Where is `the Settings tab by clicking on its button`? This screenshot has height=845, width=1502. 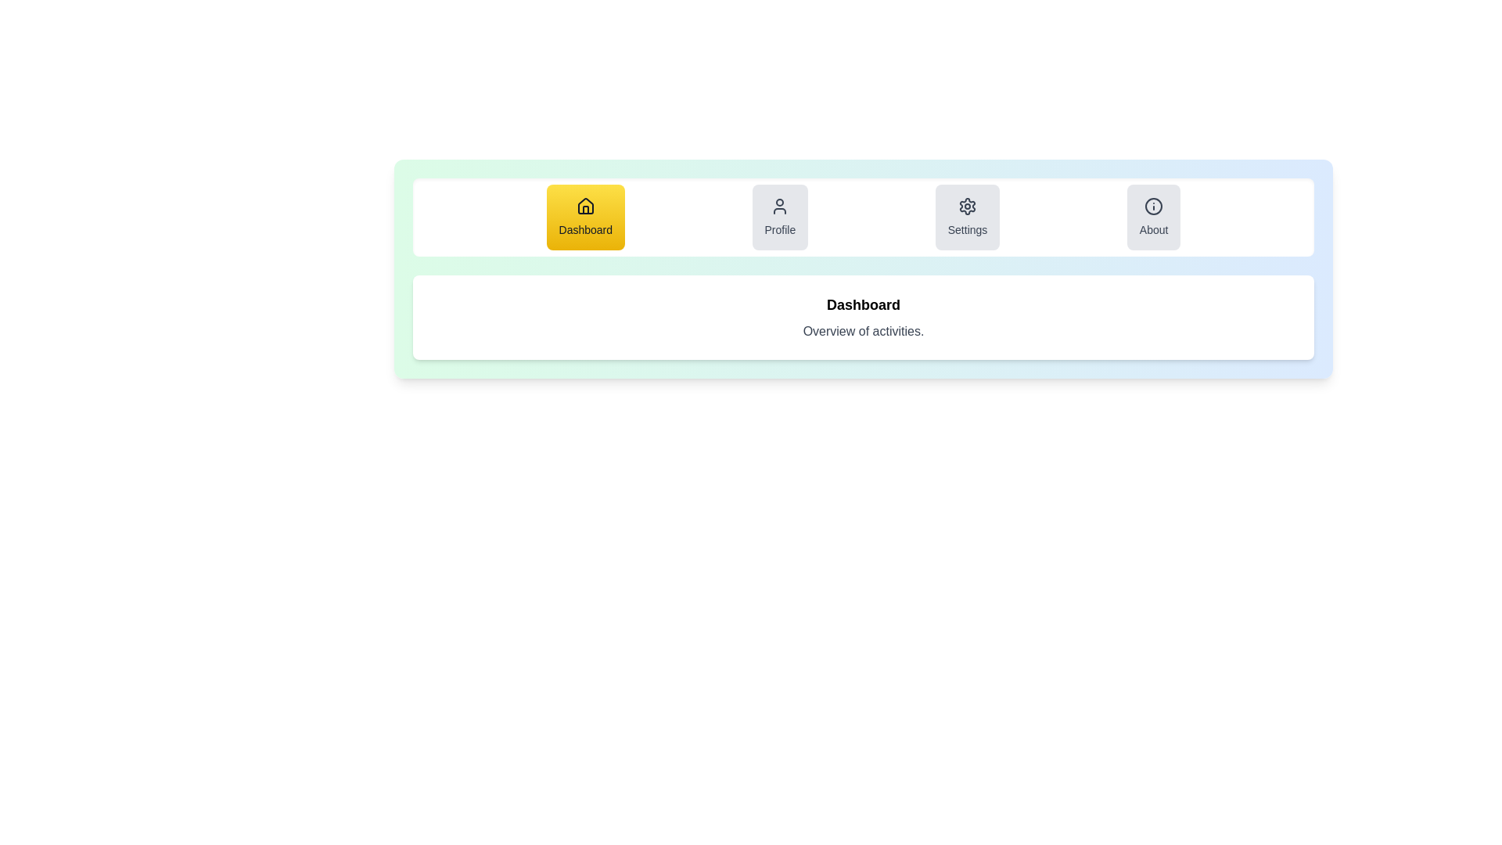 the Settings tab by clicking on its button is located at coordinates (967, 217).